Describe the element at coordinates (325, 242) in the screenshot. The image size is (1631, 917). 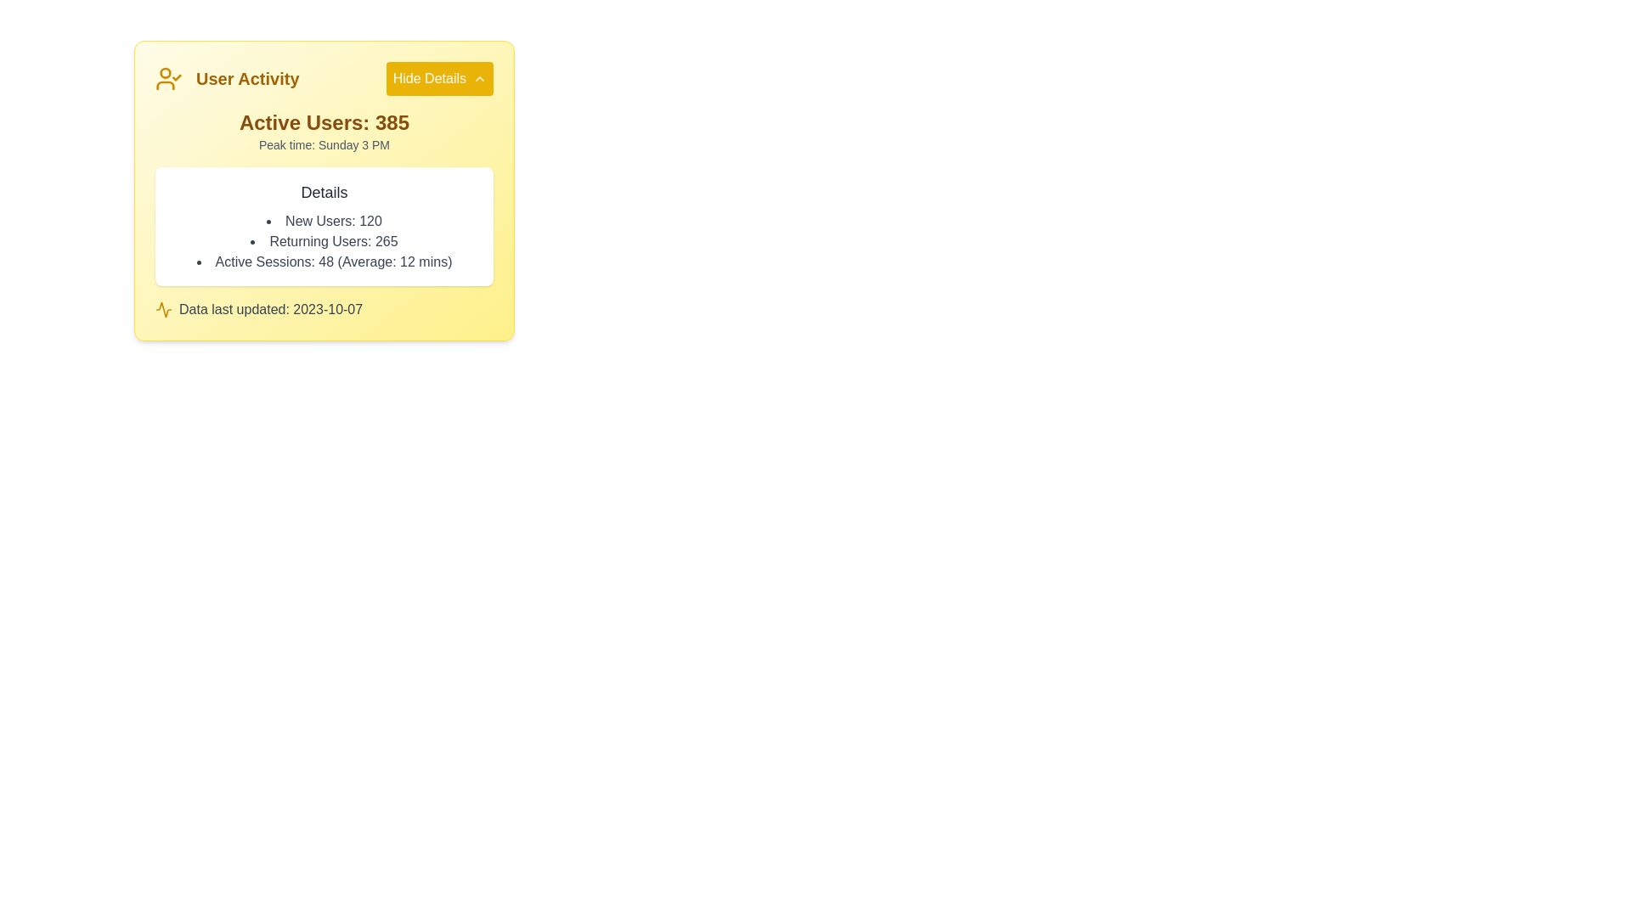
I see `statistics displayed in the bulleted list element titled 'Details', which includes 'New Users: 120', 'Returning Users: 265', and 'Active Sessions: 48 (Average: 12 mins)'` at that location.